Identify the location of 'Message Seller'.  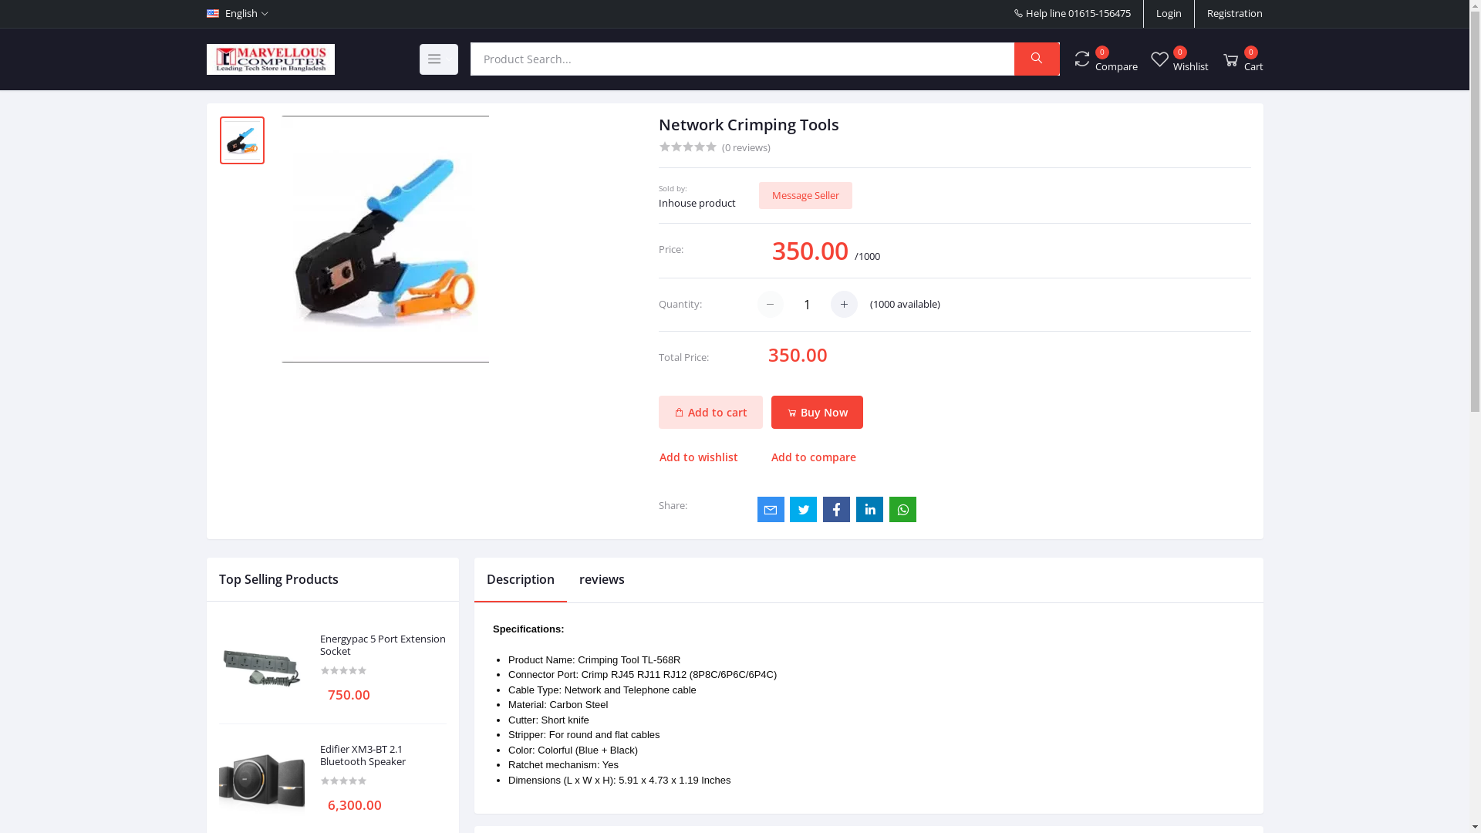
(758, 194).